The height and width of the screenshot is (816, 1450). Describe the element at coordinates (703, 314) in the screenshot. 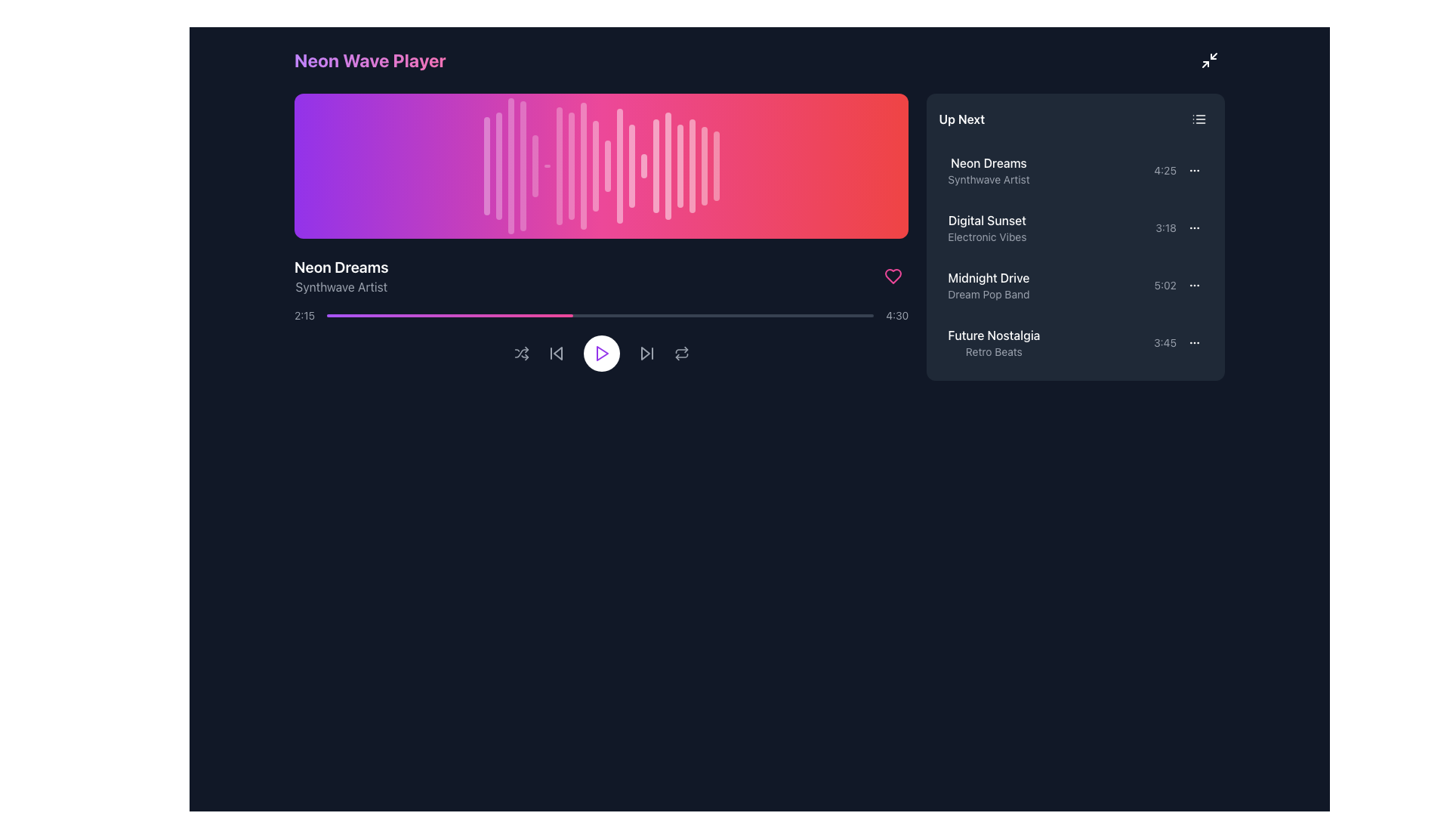

I see `the media progress` at that location.